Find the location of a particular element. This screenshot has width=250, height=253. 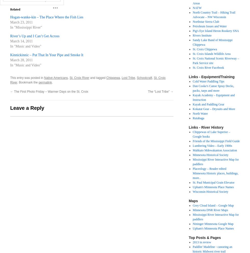

'Cold Water Paddling Tips' is located at coordinates (208, 81).